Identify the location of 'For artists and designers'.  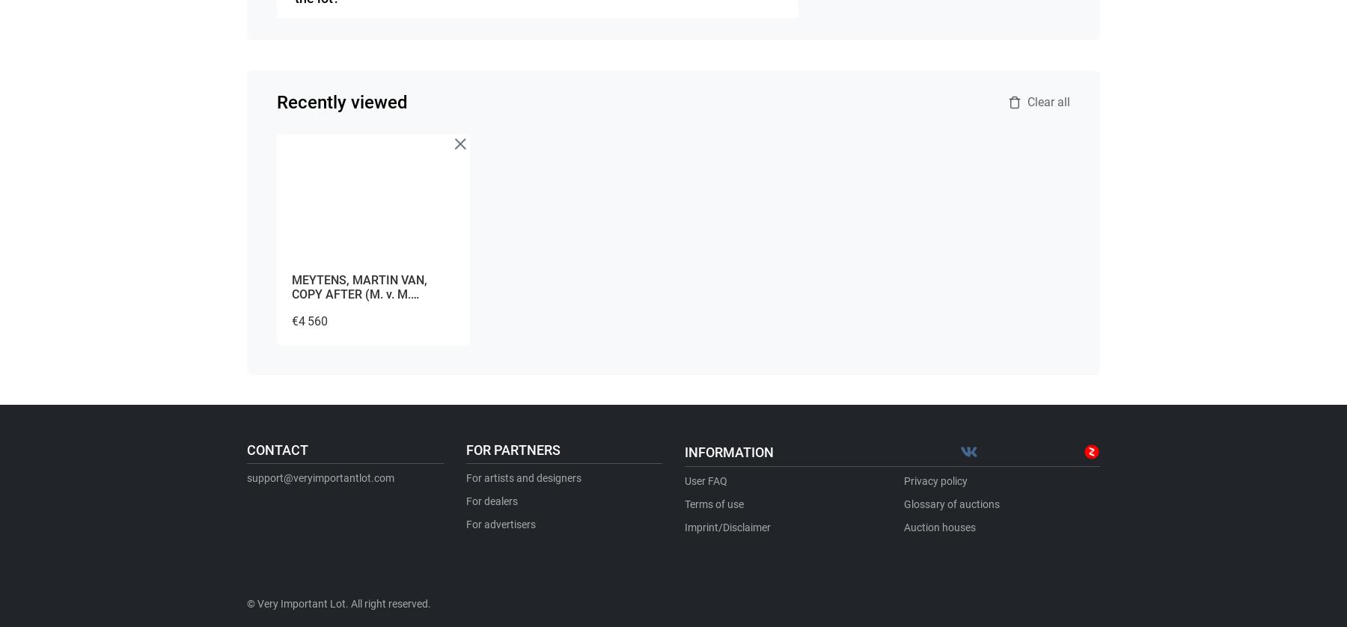
(522, 477).